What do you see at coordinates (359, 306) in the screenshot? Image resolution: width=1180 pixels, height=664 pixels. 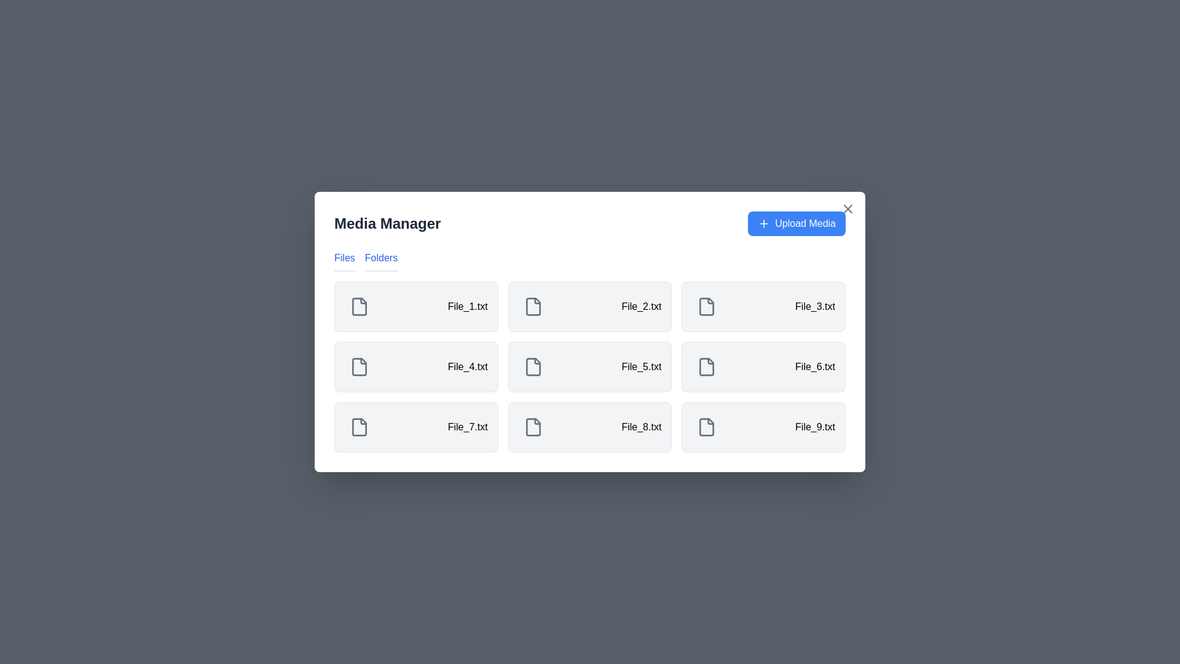 I see `the SVG icon representing a file located in the upper-left corner of the media manager interface` at bounding box center [359, 306].